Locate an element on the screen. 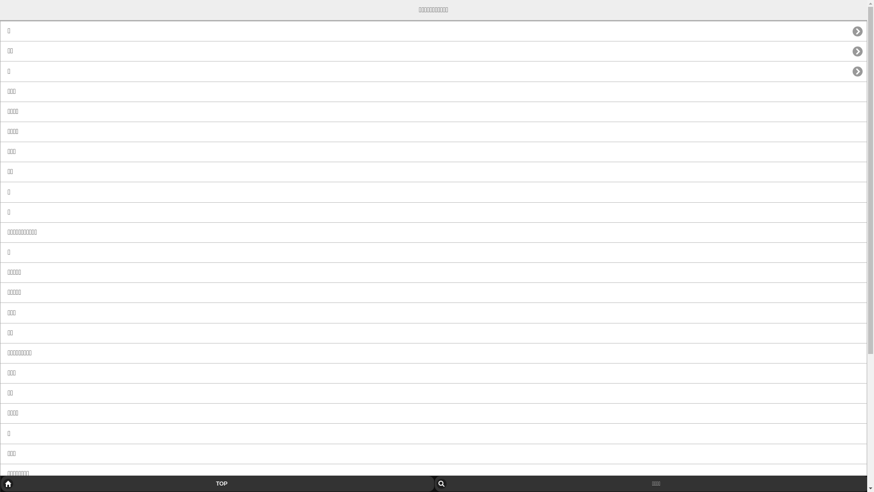 The height and width of the screenshot is (492, 874). 'TOP' is located at coordinates (217, 483).